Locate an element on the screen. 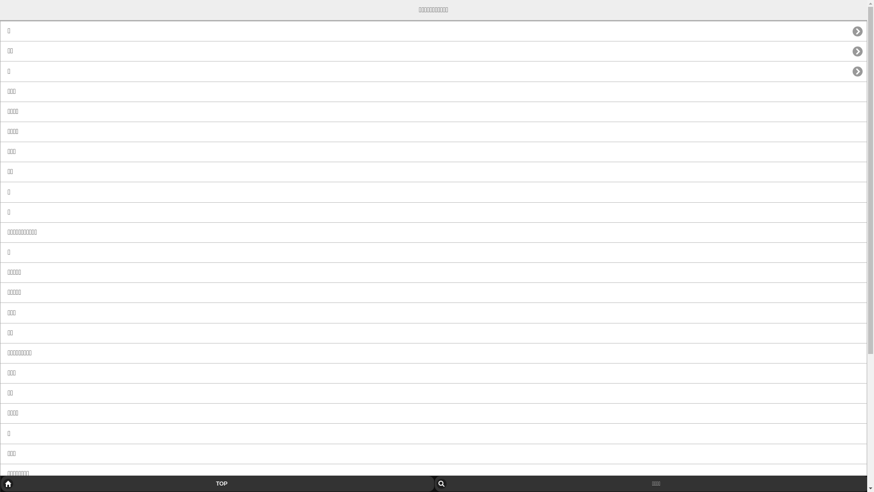 The height and width of the screenshot is (492, 874). 'TOP' is located at coordinates (217, 483).